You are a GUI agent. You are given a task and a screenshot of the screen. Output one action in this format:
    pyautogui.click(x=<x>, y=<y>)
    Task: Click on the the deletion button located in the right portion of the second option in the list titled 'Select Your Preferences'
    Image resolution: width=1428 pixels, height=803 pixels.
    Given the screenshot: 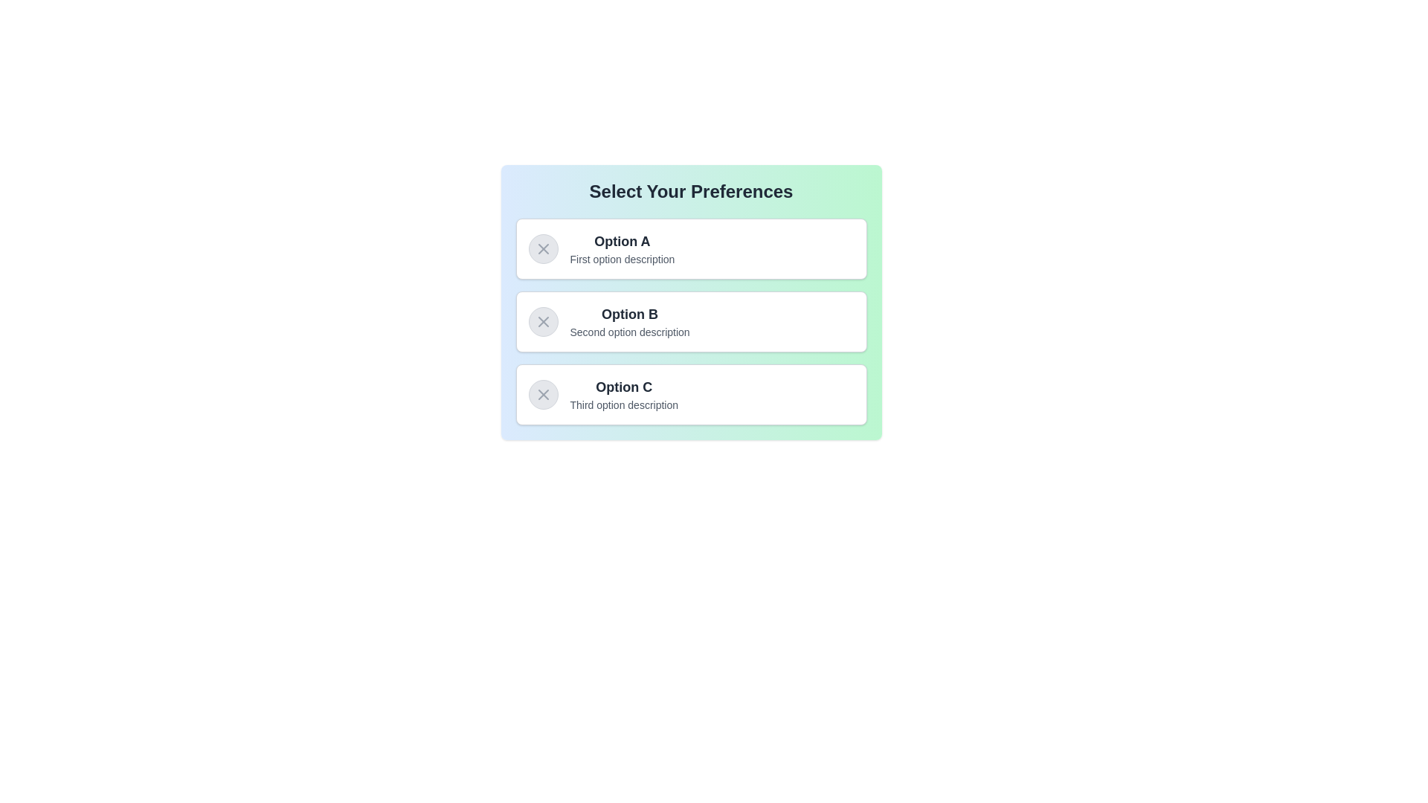 What is the action you would take?
    pyautogui.click(x=542, y=320)
    